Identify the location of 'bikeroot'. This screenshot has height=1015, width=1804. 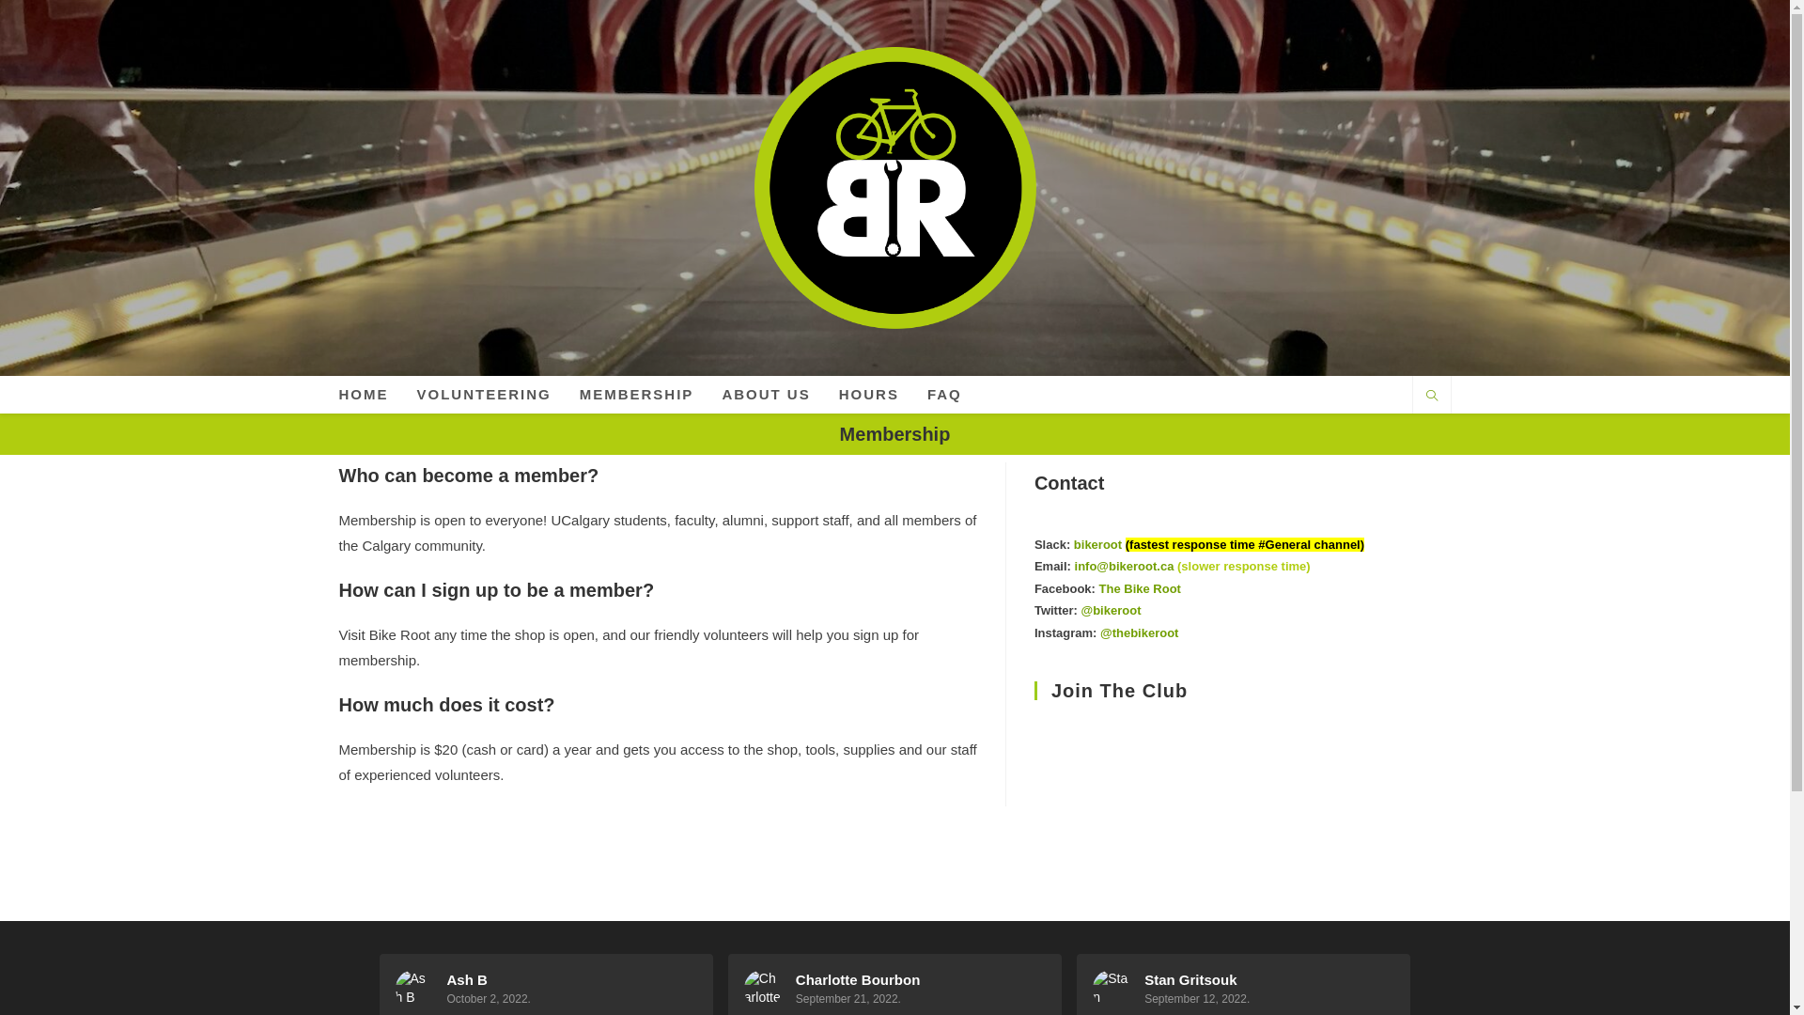
(1097, 544).